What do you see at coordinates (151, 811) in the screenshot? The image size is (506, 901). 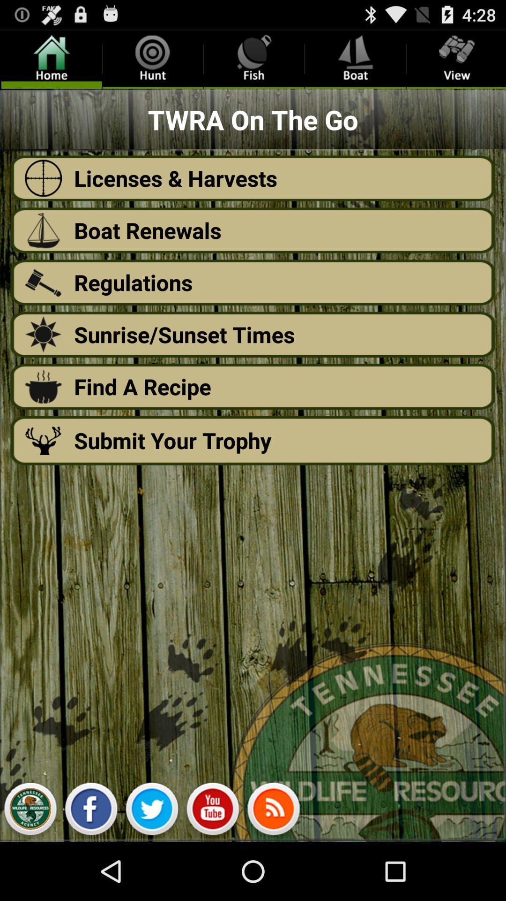 I see `item below submit your trophy icon` at bounding box center [151, 811].